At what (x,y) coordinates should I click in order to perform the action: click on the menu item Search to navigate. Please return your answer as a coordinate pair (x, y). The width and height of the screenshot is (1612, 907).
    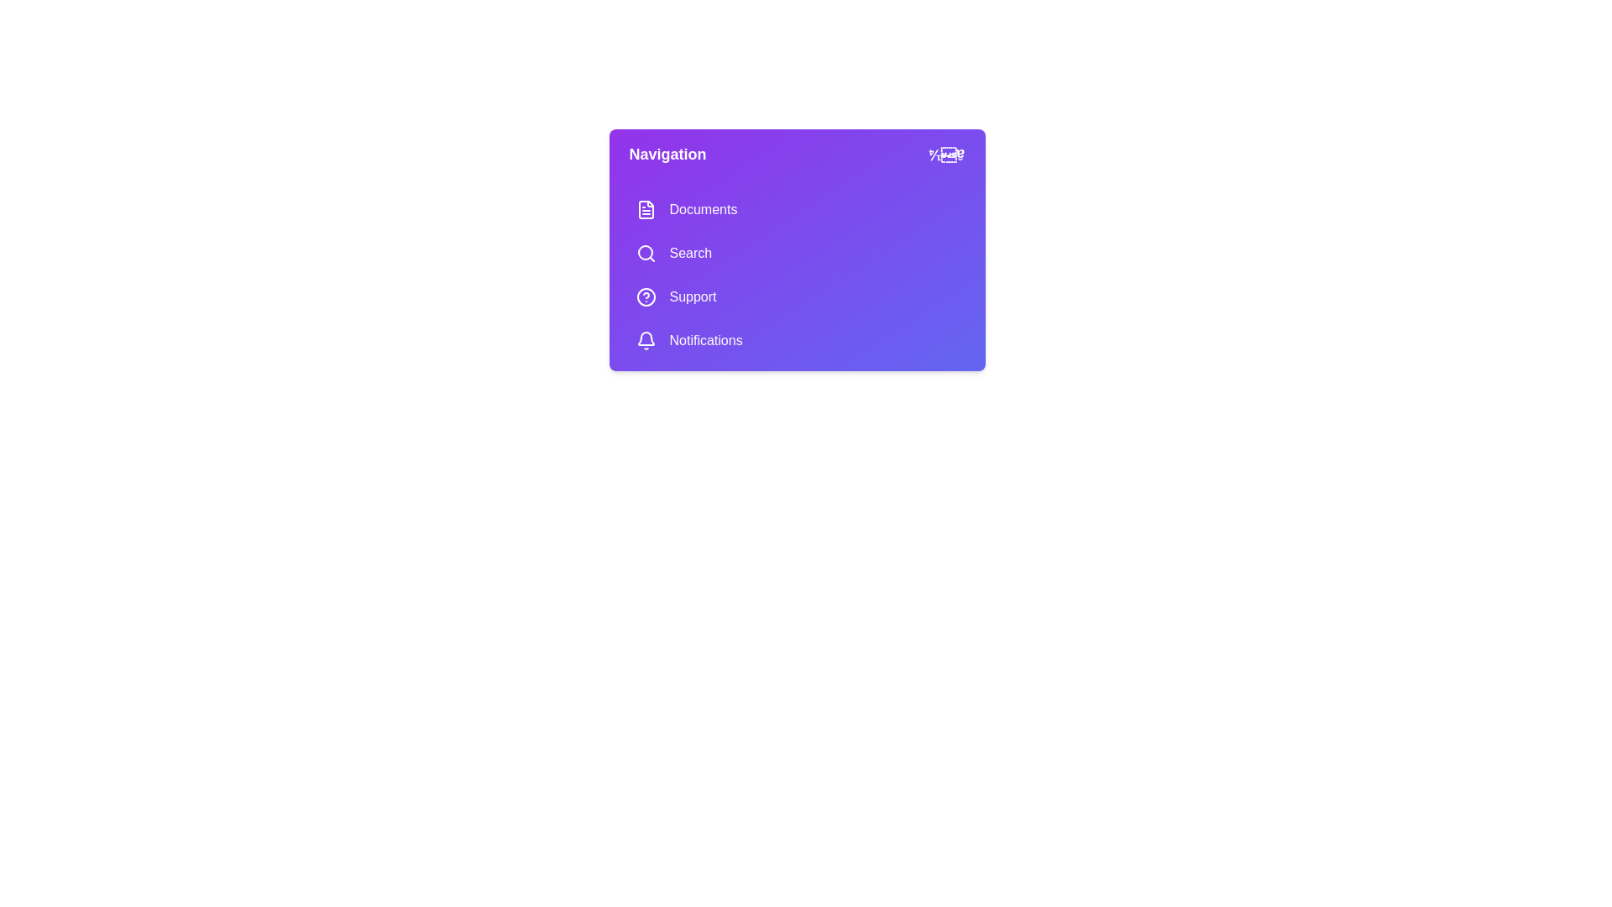
    Looking at the image, I should click on (796, 253).